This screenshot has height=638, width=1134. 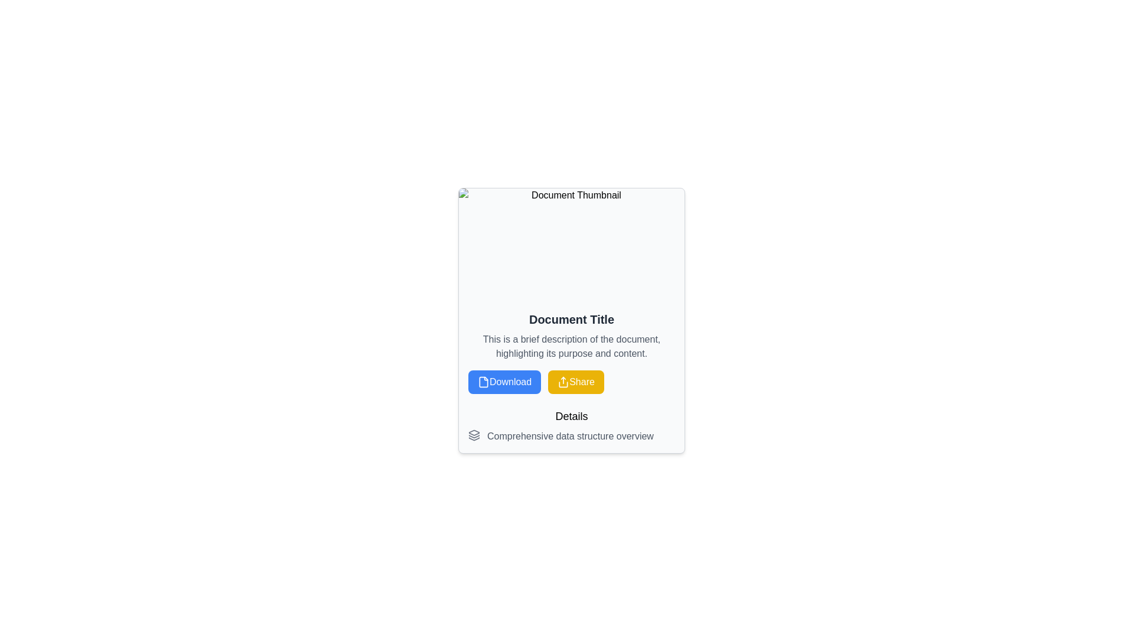 I want to click on the download button located in the bottom part of the card interface, aligned to the left of the 'Share' button, to initiate the download process, so click(x=504, y=382).